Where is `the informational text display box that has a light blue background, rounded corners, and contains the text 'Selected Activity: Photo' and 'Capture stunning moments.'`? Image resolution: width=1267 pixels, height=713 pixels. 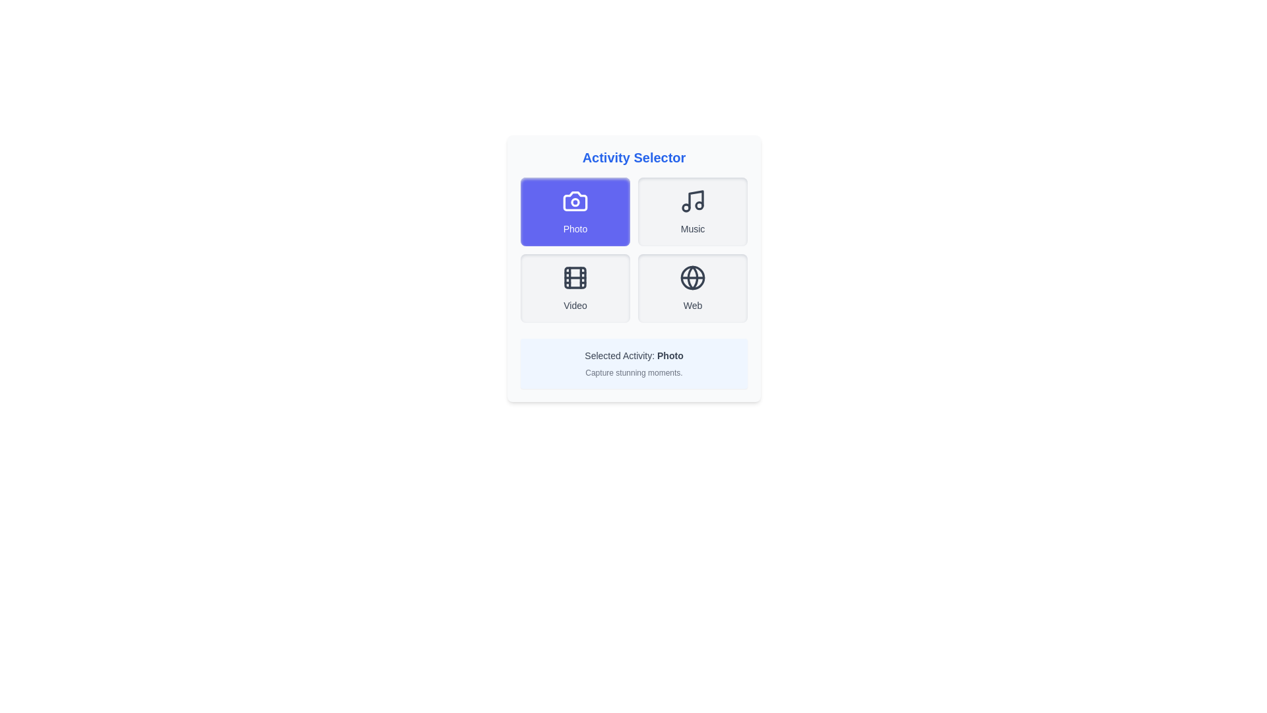
the informational text display box that has a light blue background, rounded corners, and contains the text 'Selected Activity: Photo' and 'Capture stunning moments.' is located at coordinates (633, 364).